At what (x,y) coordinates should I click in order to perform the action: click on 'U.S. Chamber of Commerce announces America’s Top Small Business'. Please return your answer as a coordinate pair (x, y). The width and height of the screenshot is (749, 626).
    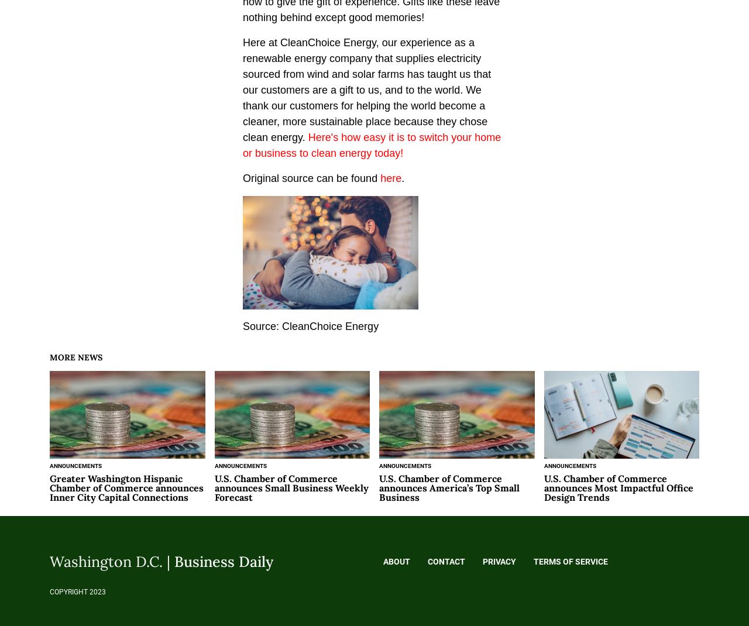
    Looking at the image, I should click on (449, 487).